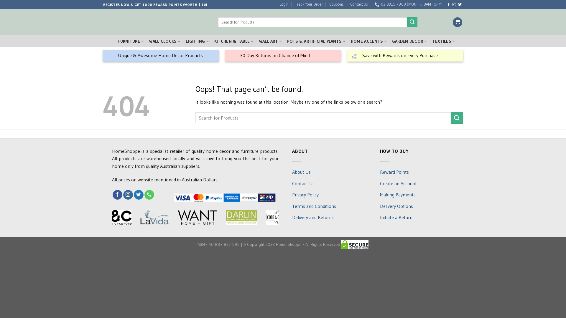  What do you see at coordinates (161, 56) in the screenshot?
I see `'Unique & Awesome Home Decor Products'` at bounding box center [161, 56].